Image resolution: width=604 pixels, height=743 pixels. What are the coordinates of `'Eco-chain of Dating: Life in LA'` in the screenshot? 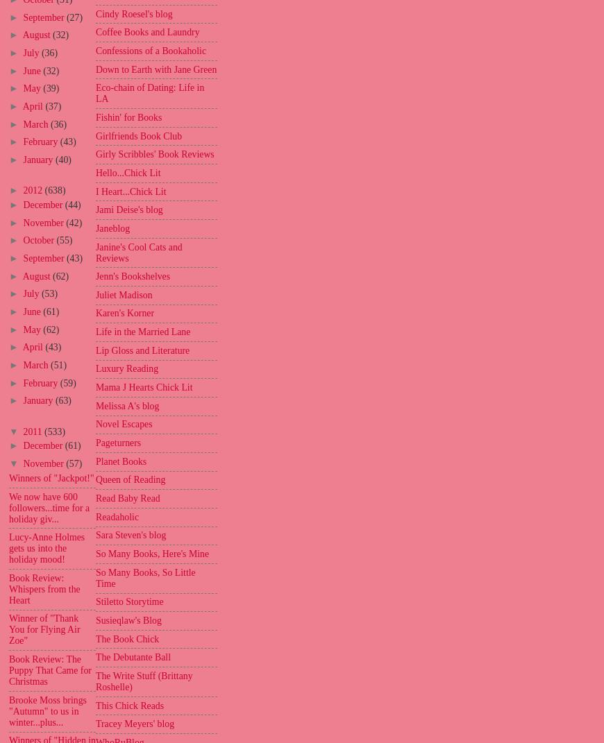 It's located at (149, 93).